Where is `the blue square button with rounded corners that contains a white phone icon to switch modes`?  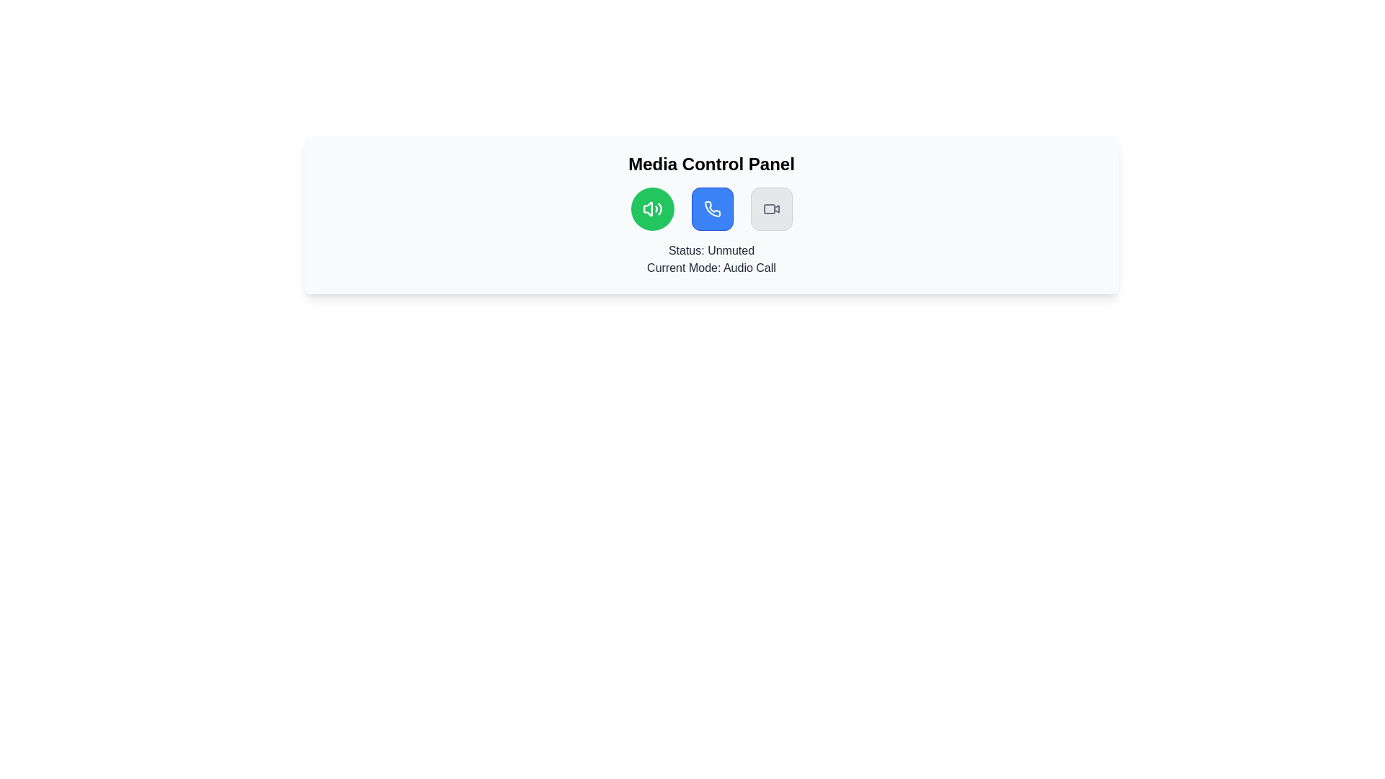 the blue square button with rounded corners that contains a white phone icon to switch modes is located at coordinates (712, 208).